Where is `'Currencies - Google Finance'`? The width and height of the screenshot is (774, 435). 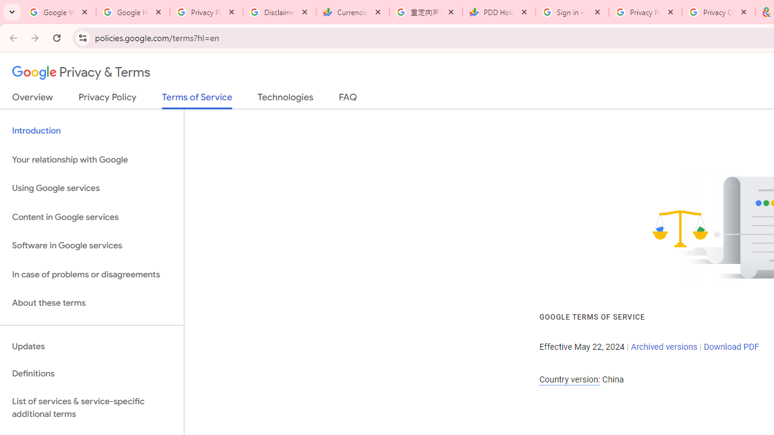
'Currencies - Google Finance' is located at coordinates (352, 12).